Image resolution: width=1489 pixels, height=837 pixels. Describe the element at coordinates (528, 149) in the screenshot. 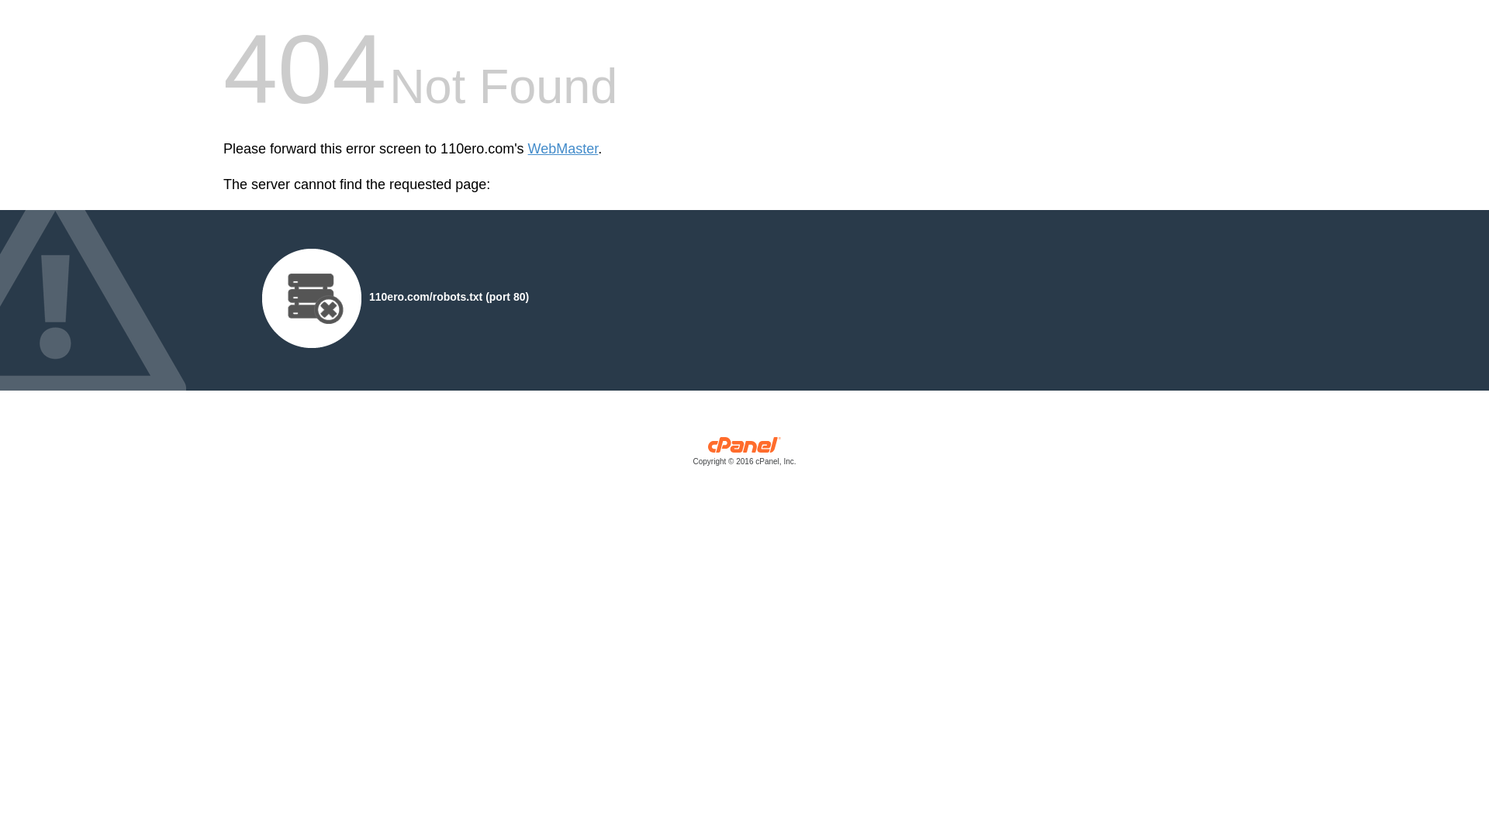

I see `'WebMaster'` at that location.